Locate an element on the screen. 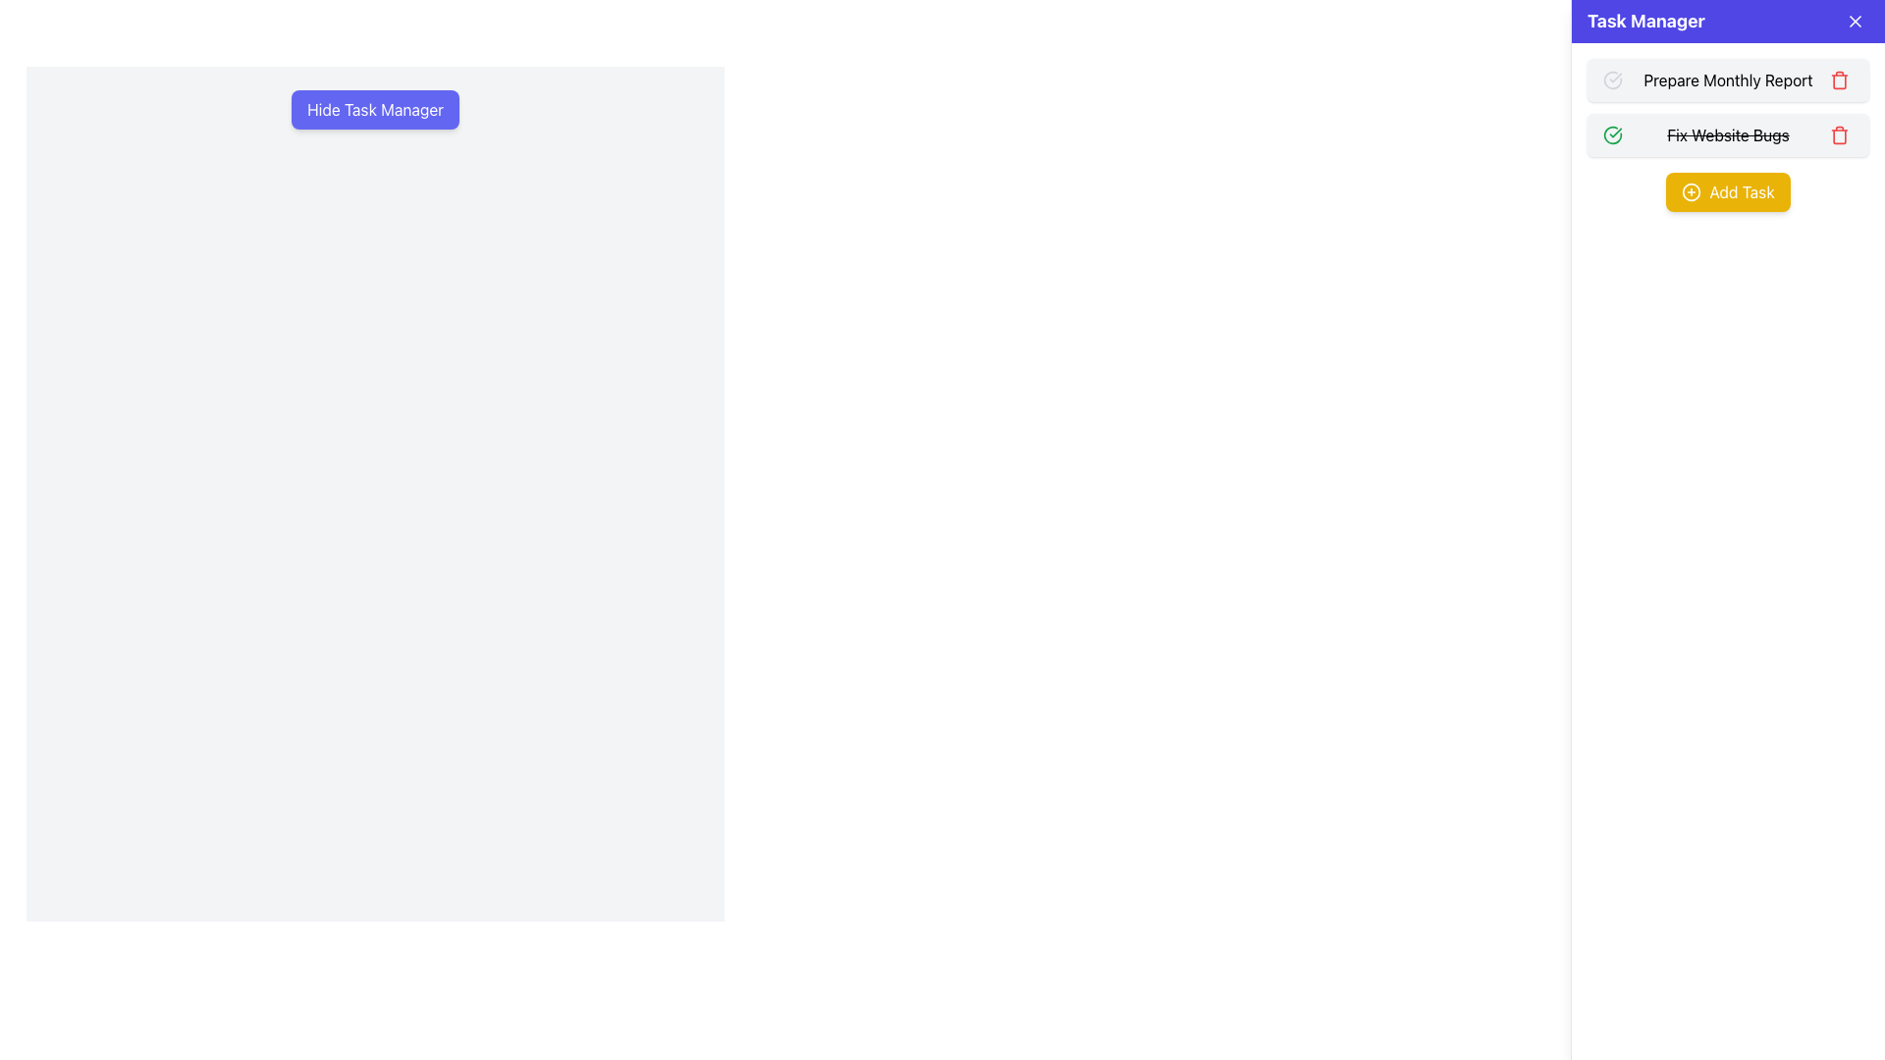 The image size is (1885, 1060). the upper left segment of the green checkmark icon associated with the task 'Fix Website Bugs' in the Task Manager interface to interact with it is located at coordinates (1612, 134).